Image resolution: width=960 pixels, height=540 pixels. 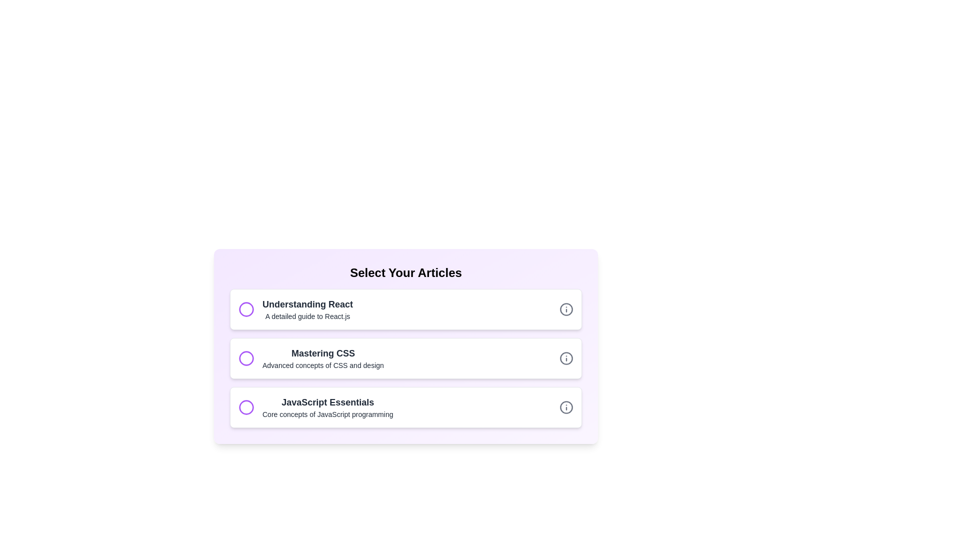 What do you see at coordinates (566, 358) in the screenshot?
I see `the info icon for the article titled 'Mastering CSS'` at bounding box center [566, 358].